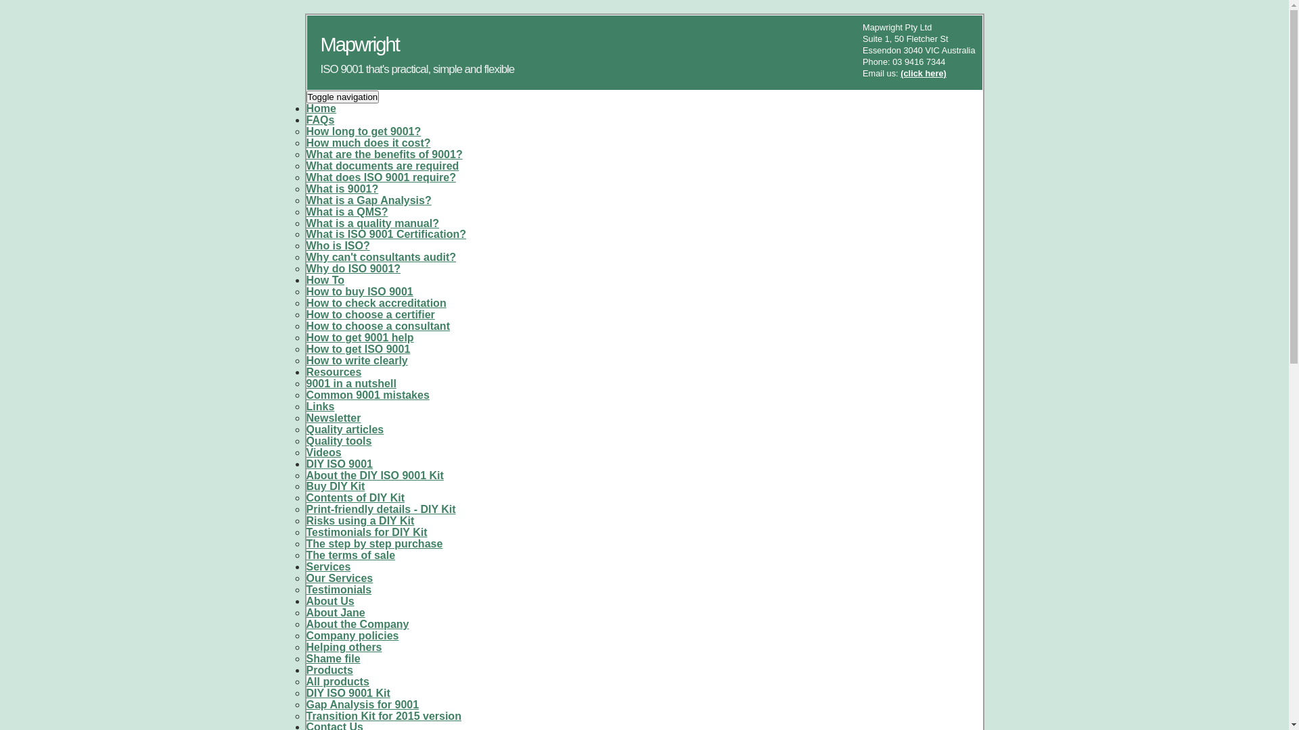 This screenshot has height=730, width=1299. Describe the element at coordinates (320, 107) in the screenshot. I see `'Home'` at that location.